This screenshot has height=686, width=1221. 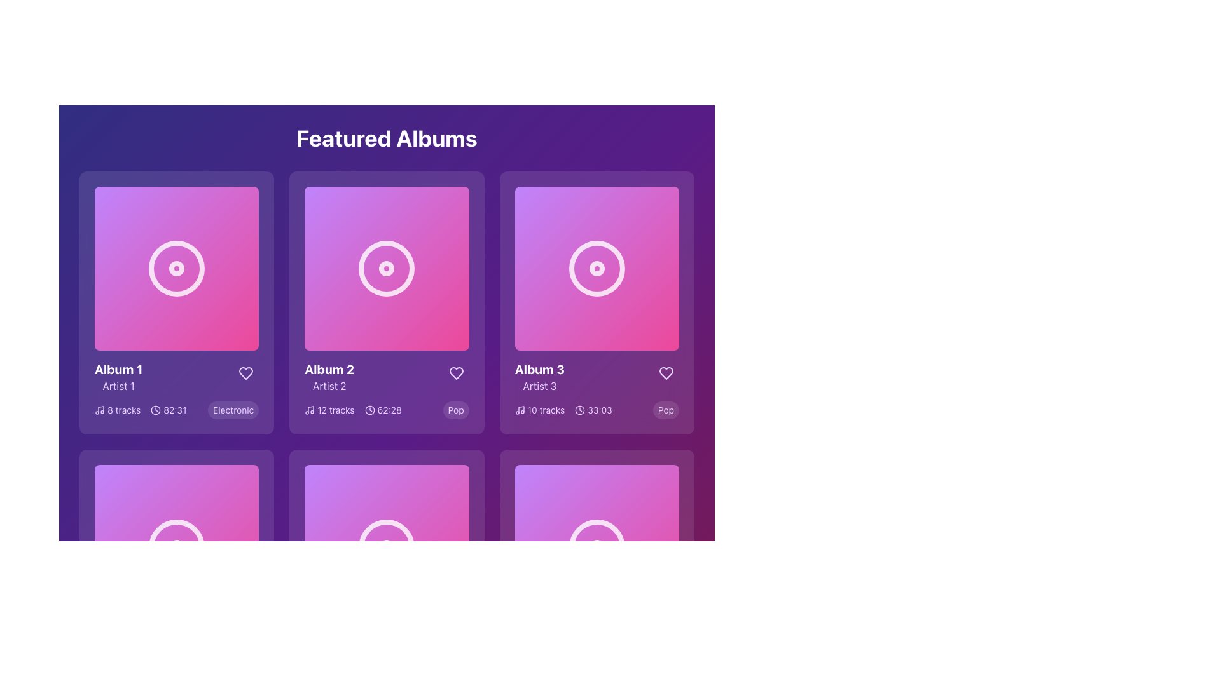 I want to click on the text label indicating the artist associated with the album 'Album 2', located under the 'Album 2' title in the second album tile, so click(x=329, y=386).